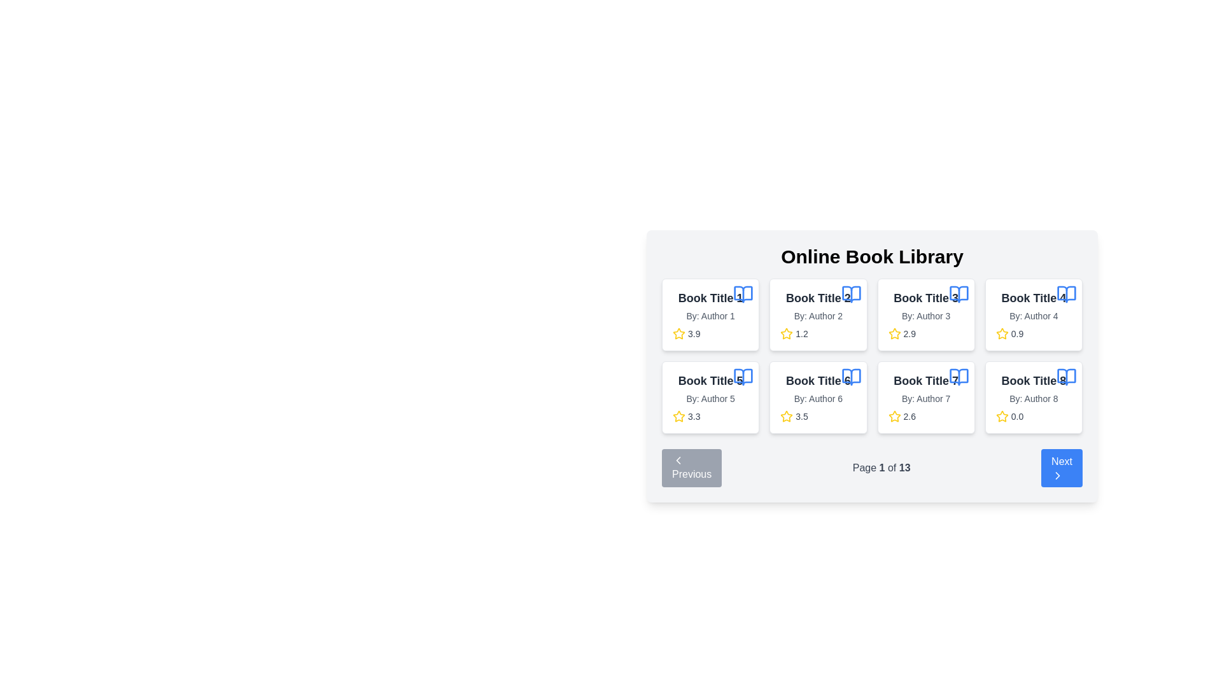 The image size is (1222, 687). Describe the element at coordinates (926, 298) in the screenshot. I see `text of the label displaying 'Book Title 3', which is styled in bold and larger than standard text, located in the top row, third column of the book information card` at that location.